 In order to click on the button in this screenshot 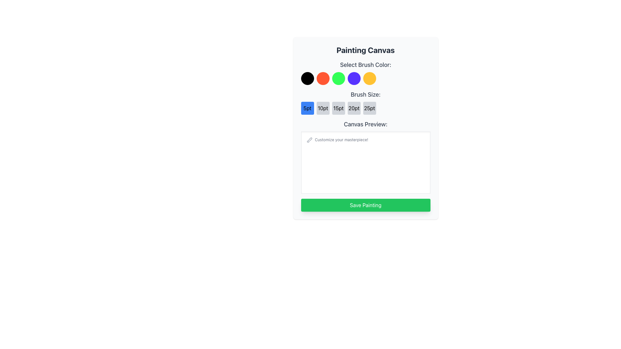, I will do `click(338, 108)`.